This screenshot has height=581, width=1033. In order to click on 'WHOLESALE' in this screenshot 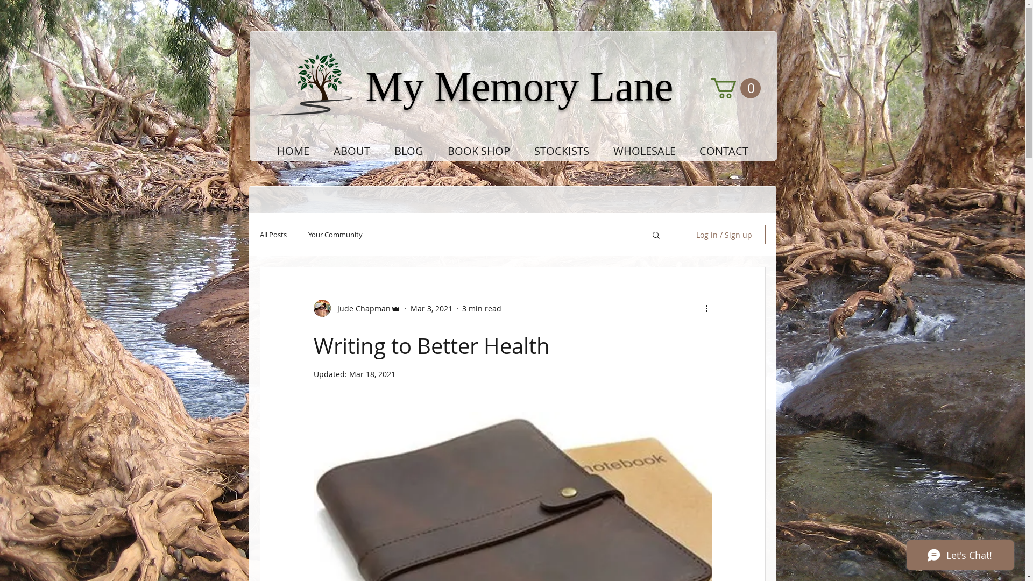, I will do `click(645, 151)`.